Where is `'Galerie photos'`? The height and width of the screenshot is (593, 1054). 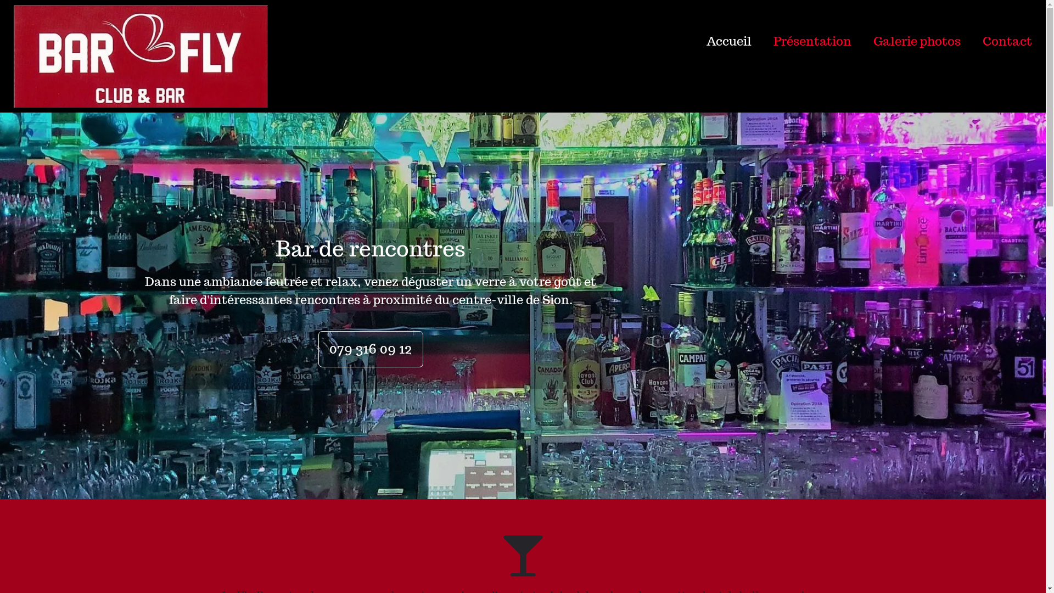 'Galerie photos' is located at coordinates (906, 40).